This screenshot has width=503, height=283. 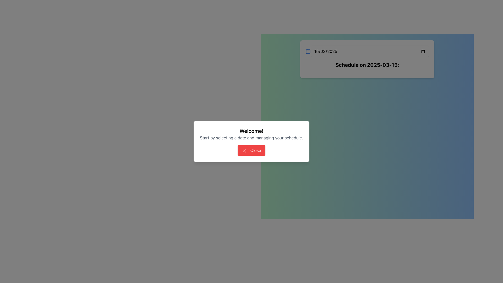 I want to click on the bold, large-sized text displaying 'Welcome!', so click(x=251, y=131).